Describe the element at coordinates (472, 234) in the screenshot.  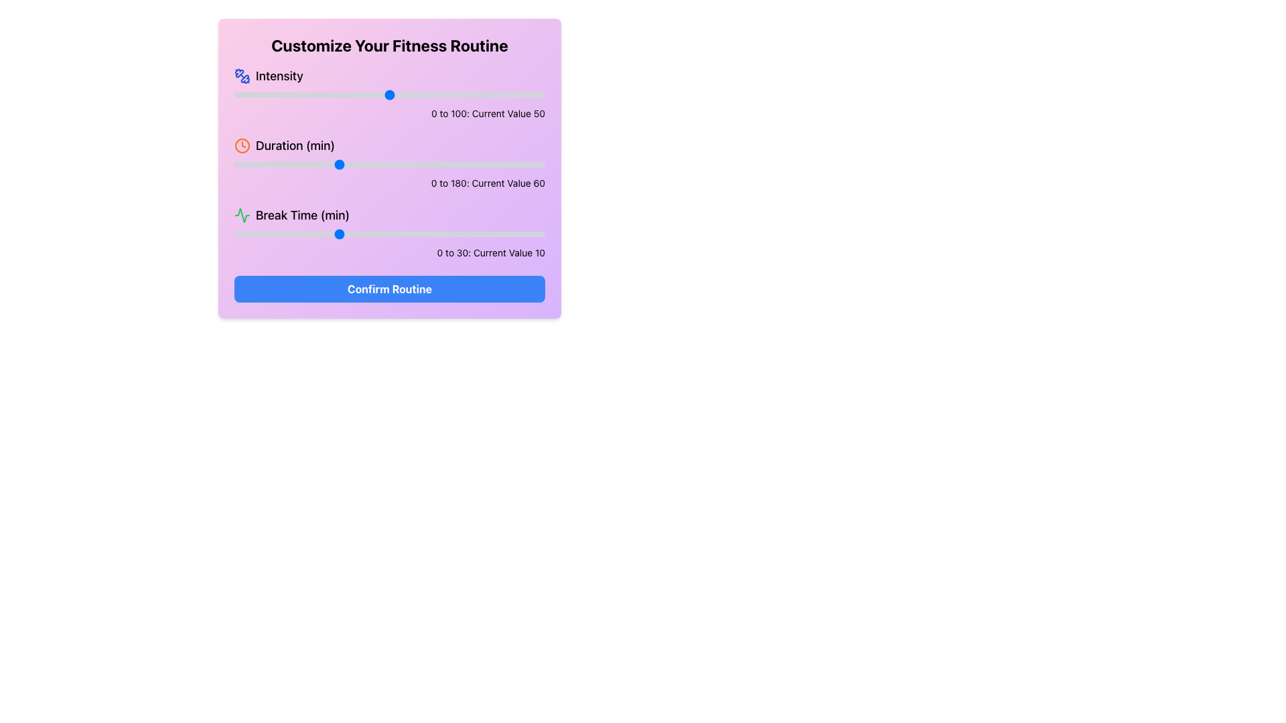
I see `the break time` at that location.